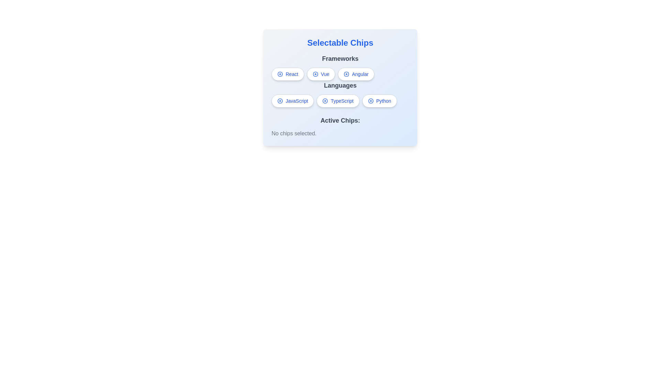 This screenshot has height=371, width=660. I want to click on the 'Angular' button, which is the third button in the horizontal list under the 'Frameworks' section, so click(356, 74).